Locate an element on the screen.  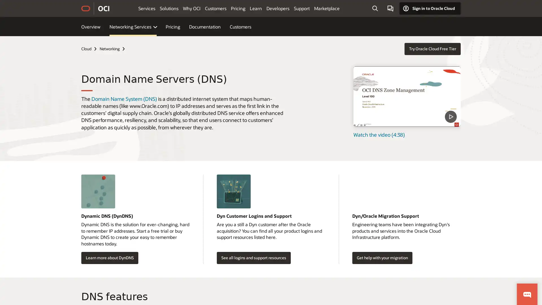
Developers is located at coordinates (278, 8).